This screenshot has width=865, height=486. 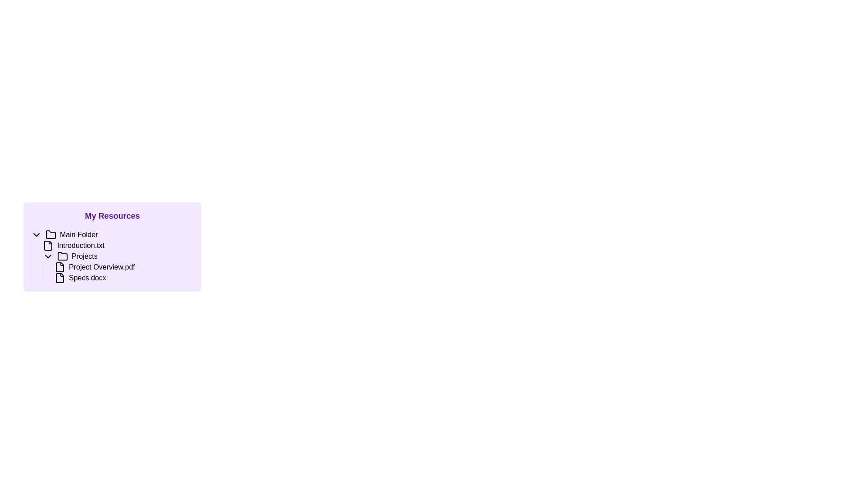 What do you see at coordinates (59, 267) in the screenshot?
I see `the file icon with a black outline and white fill located to the left of the label 'Project Overview.pdf'` at bounding box center [59, 267].